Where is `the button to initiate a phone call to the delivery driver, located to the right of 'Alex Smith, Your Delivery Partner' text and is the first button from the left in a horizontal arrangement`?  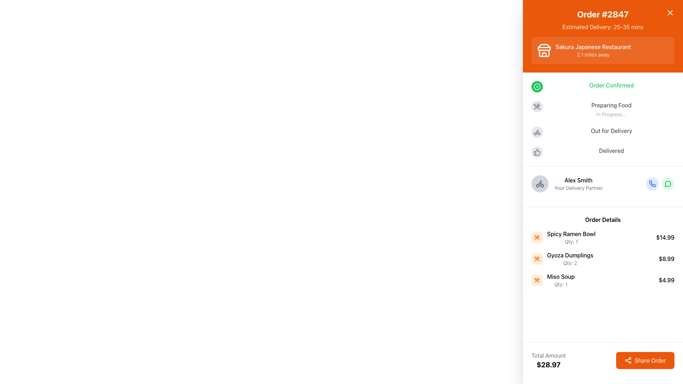
the button to initiate a phone call to the delivery driver, located to the right of 'Alex Smith, Your Delivery Partner' text and is the first button from the left in a horizontal arrangement is located at coordinates (652, 183).